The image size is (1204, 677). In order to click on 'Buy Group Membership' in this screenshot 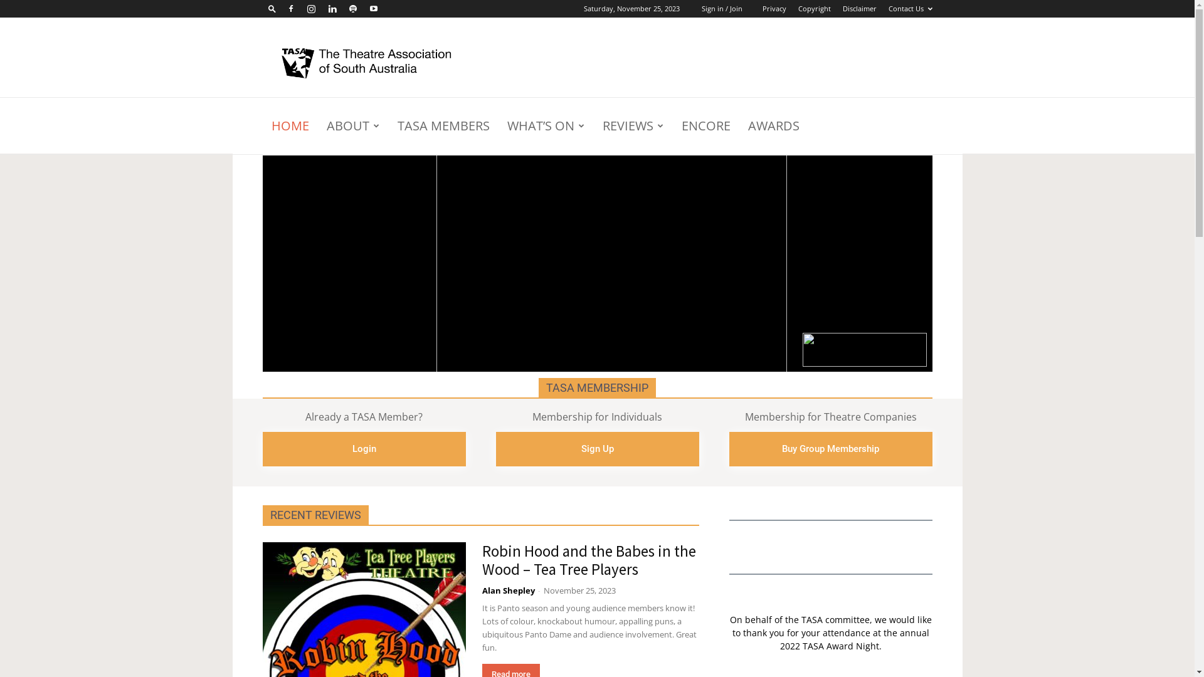, I will do `click(830, 448)`.